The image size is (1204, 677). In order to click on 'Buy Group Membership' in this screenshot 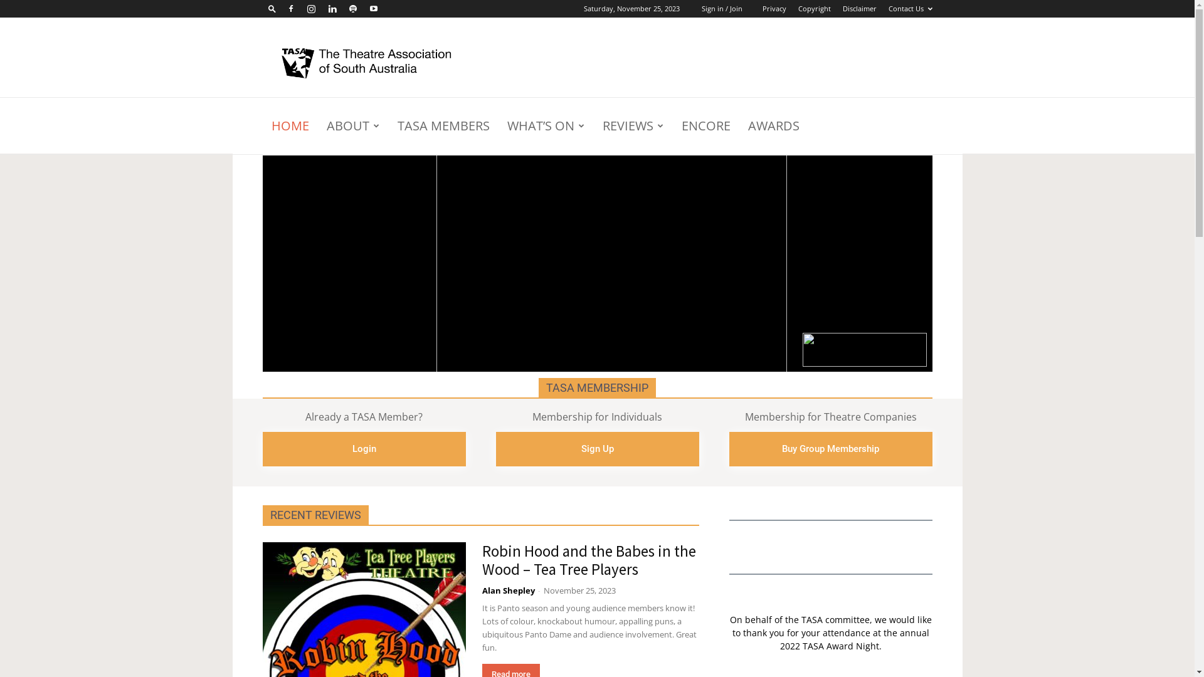, I will do `click(830, 448)`.